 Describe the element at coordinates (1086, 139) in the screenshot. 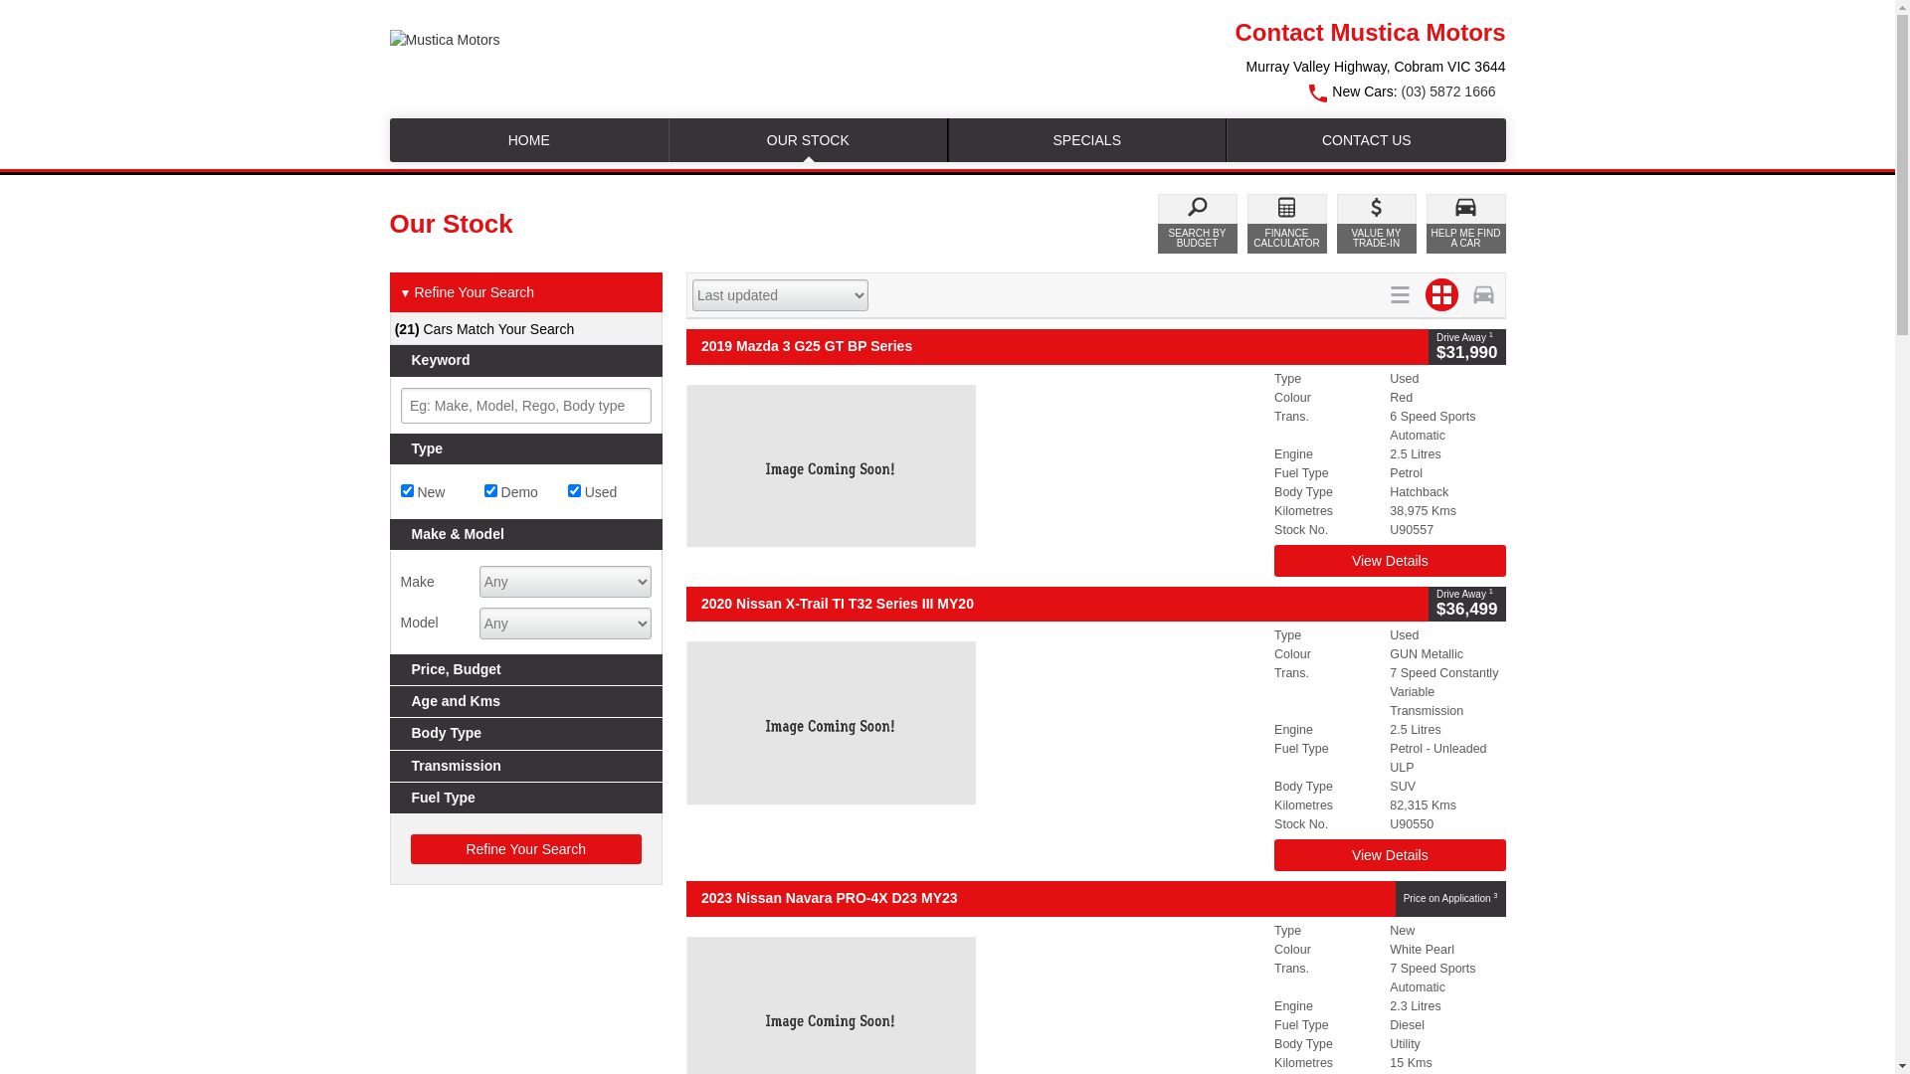

I see `'SPECIALS'` at that location.